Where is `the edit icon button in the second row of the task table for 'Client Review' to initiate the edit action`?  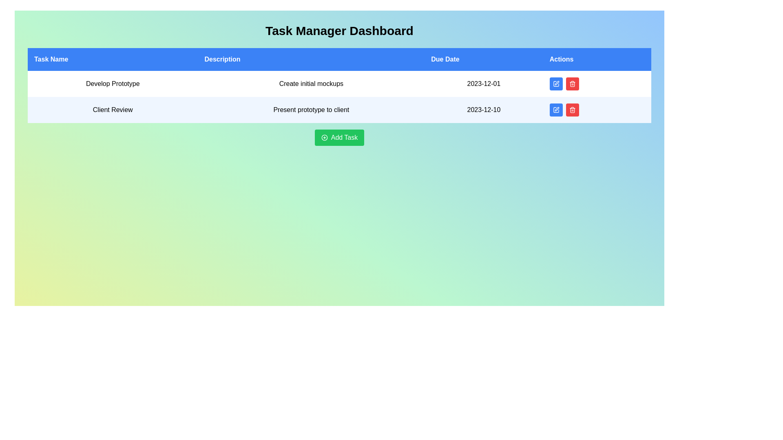
the edit icon button in the second row of the task table for 'Client Review' to initiate the edit action is located at coordinates (556, 108).